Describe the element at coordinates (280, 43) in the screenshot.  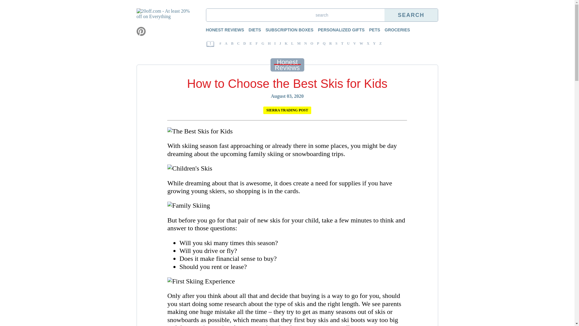
I see `'J'` at that location.